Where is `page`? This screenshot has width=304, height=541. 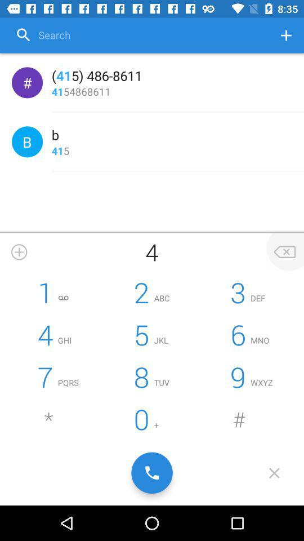
page is located at coordinates (274, 473).